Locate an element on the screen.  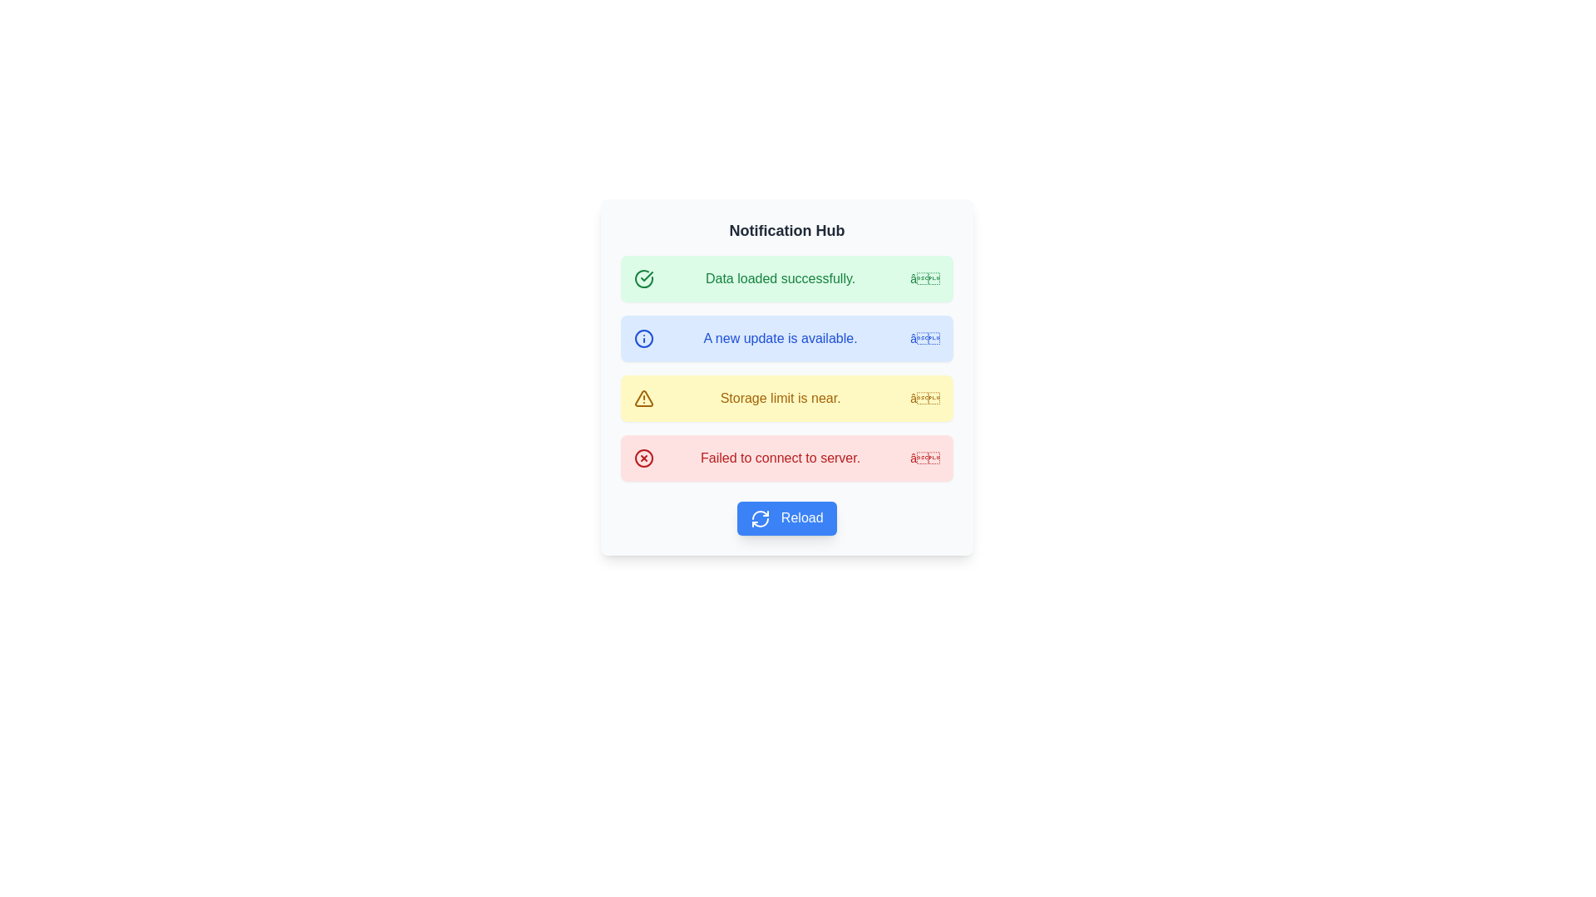
the blue 'Reload' button located below the message area, which features a circular reload icon and a white 'Reload' text label, to trigger hover effects is located at coordinates (786, 517).